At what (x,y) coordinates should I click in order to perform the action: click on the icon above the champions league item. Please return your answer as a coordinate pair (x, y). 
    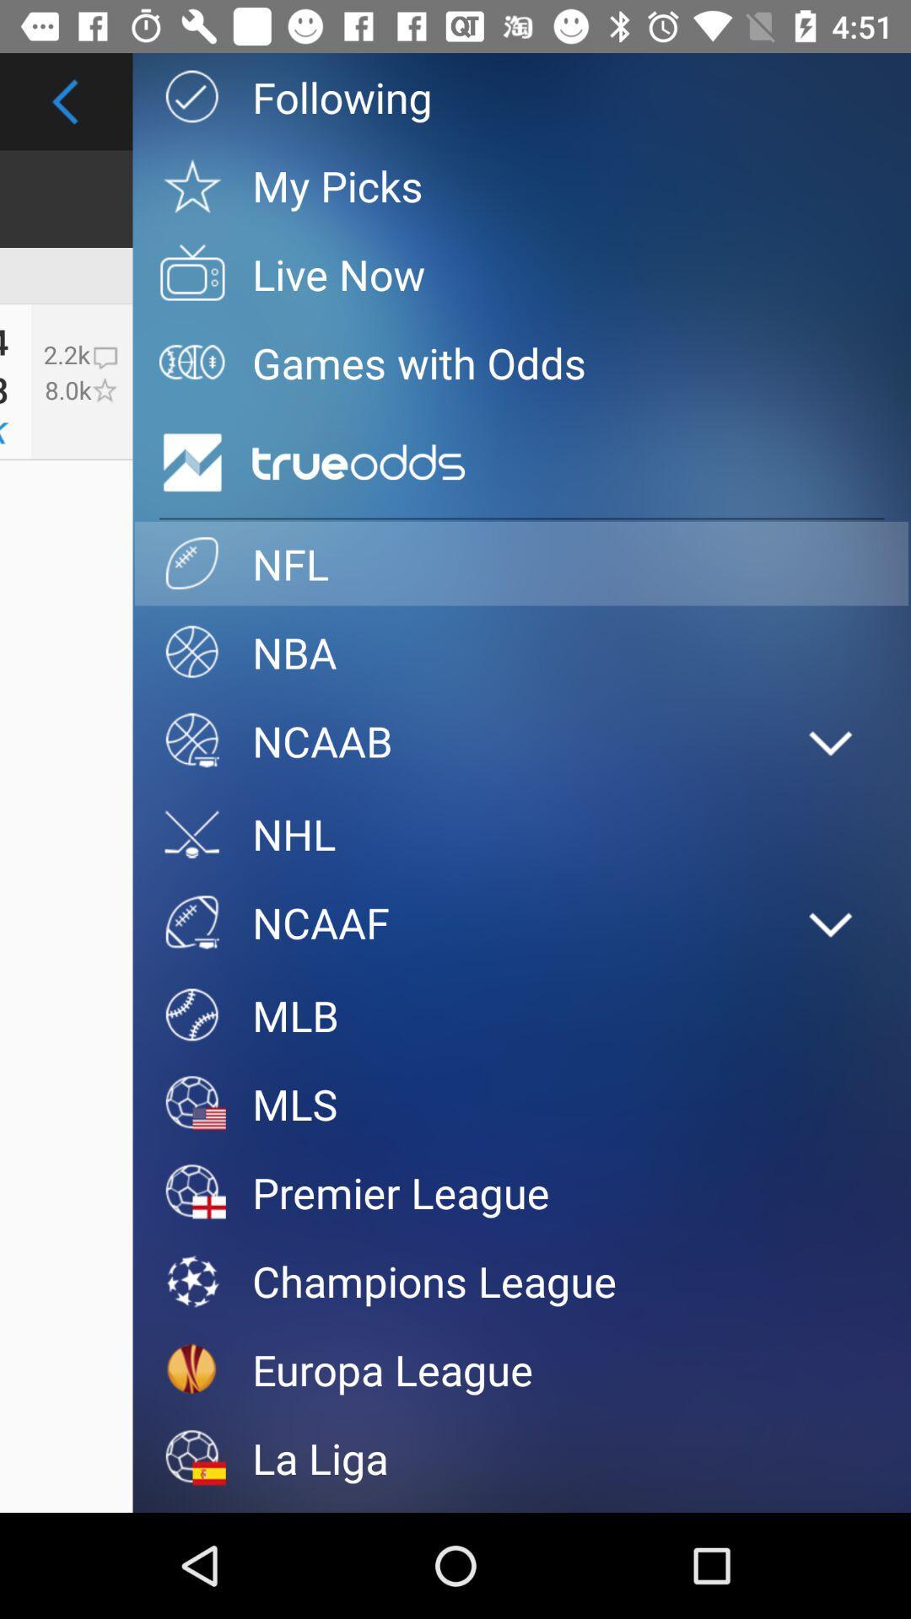
    Looking at the image, I should click on (520, 1191).